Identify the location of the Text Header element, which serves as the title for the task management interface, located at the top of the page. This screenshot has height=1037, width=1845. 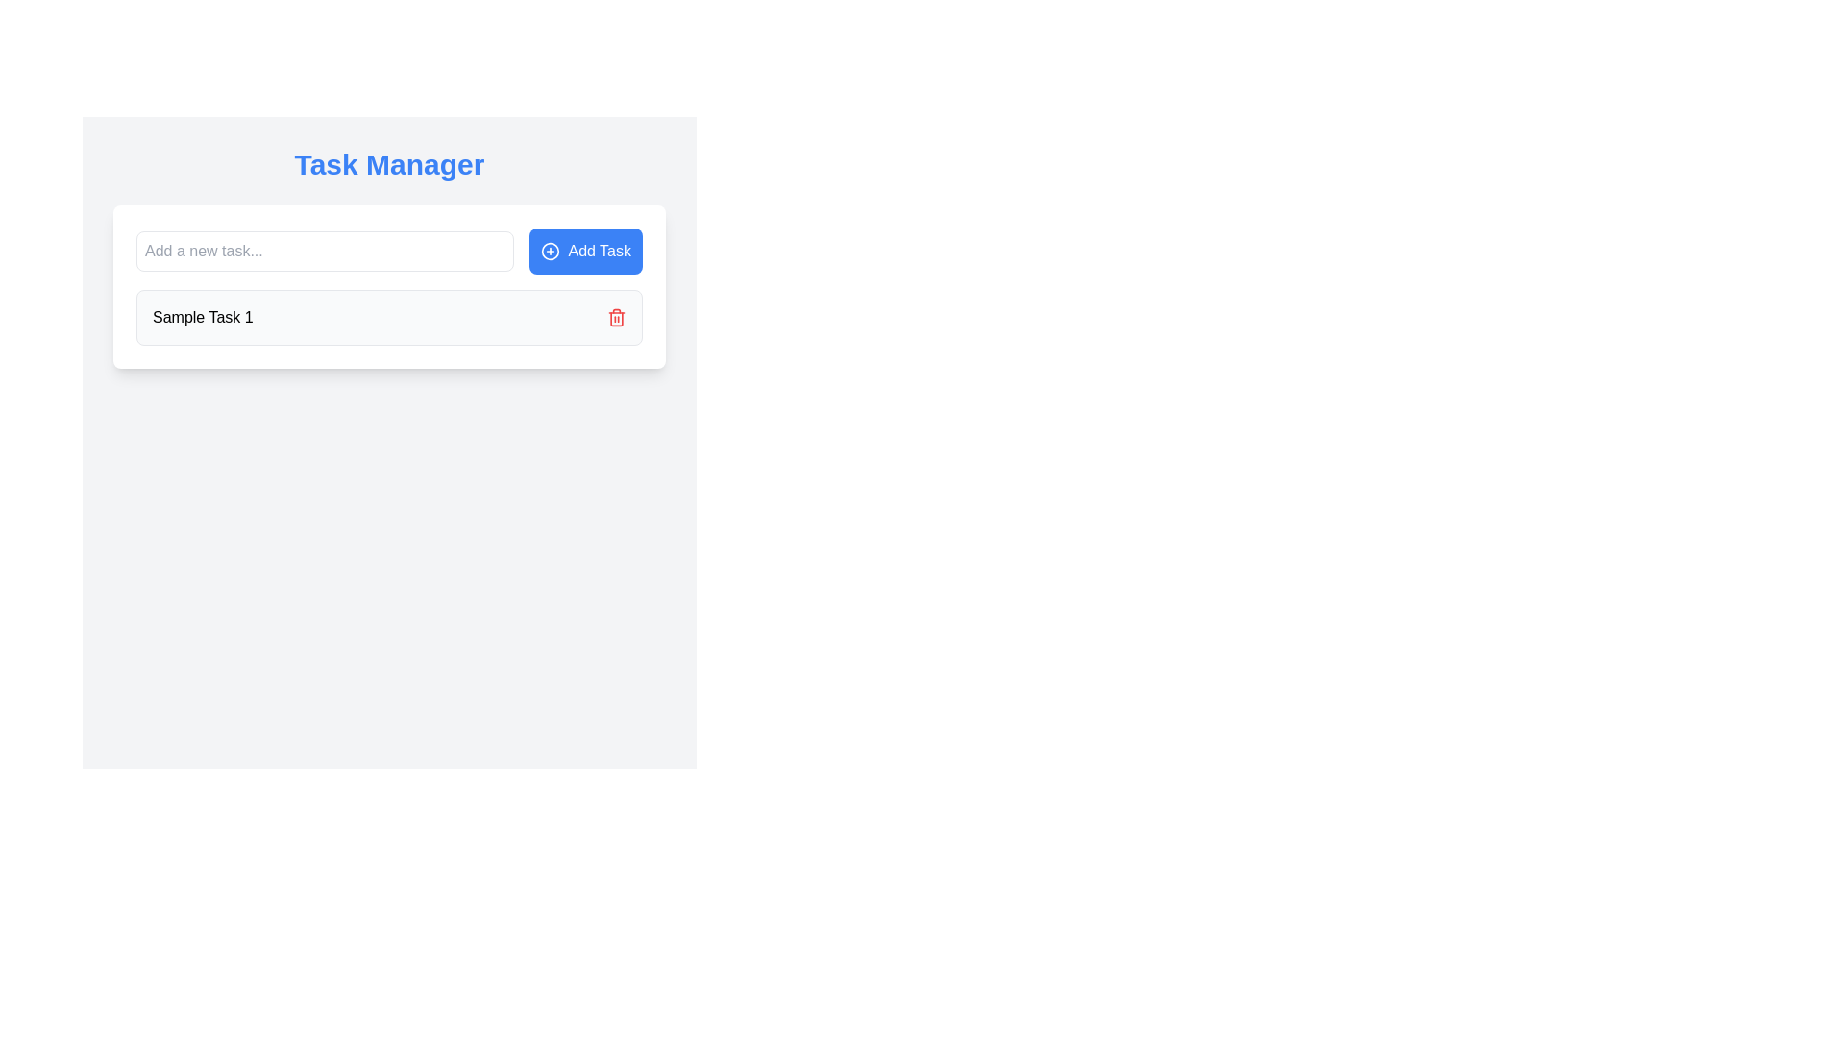
(388, 164).